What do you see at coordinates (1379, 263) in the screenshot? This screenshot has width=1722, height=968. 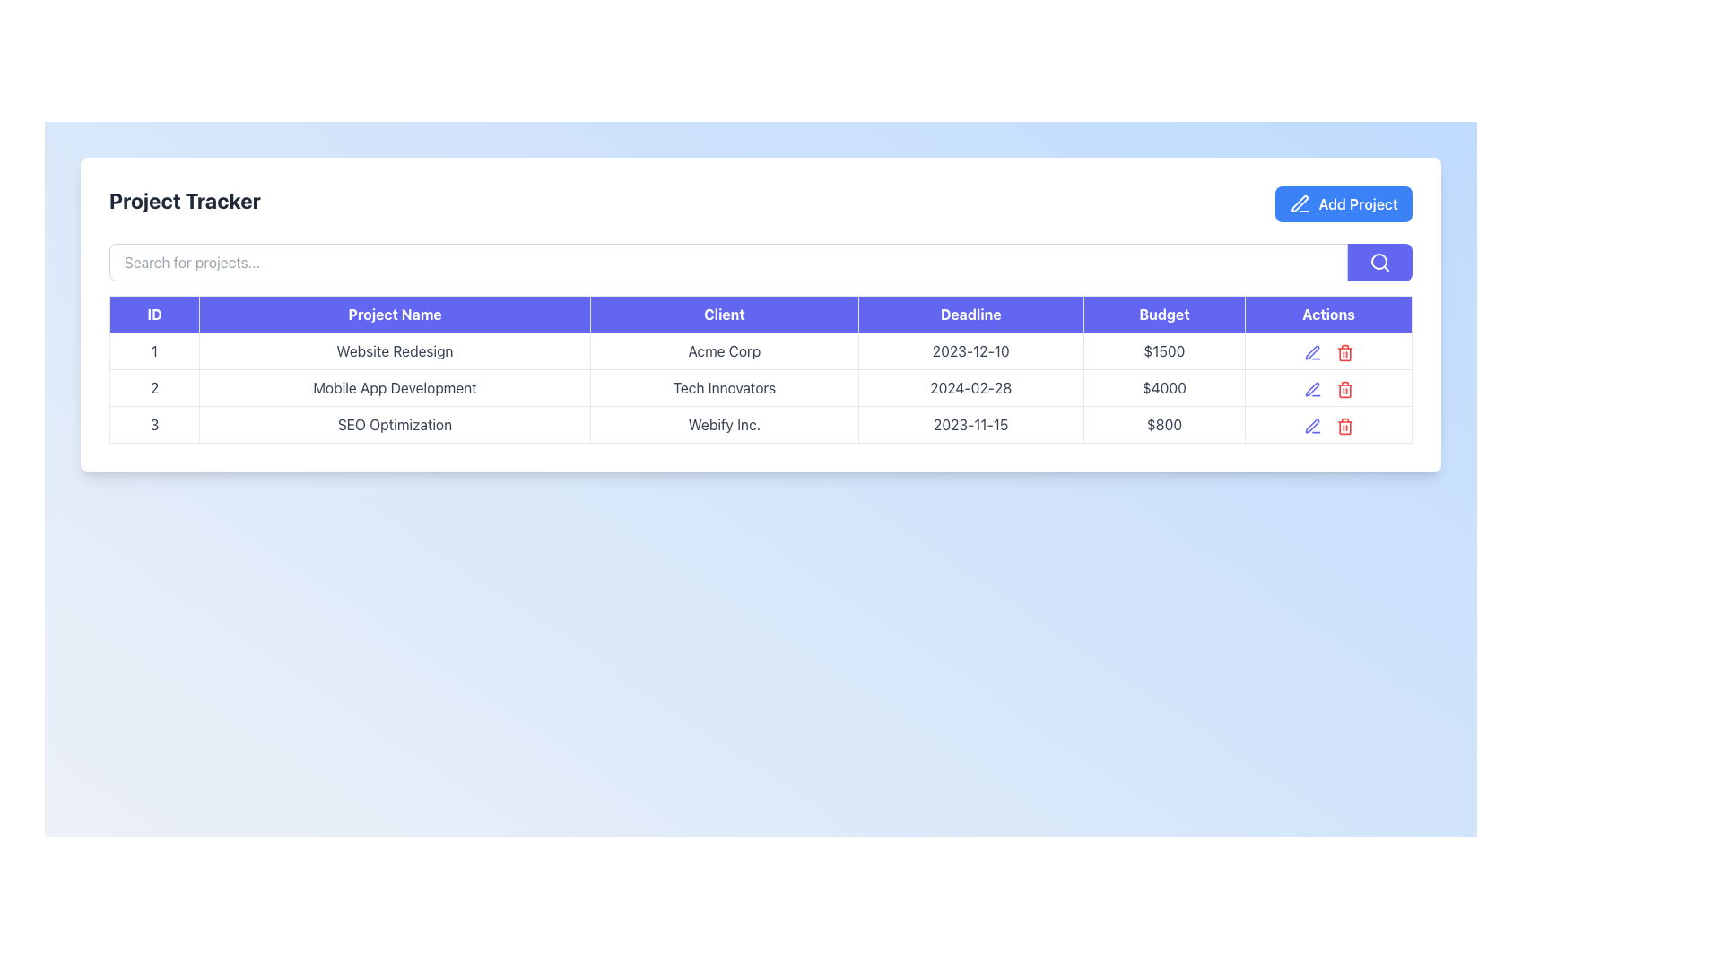 I see `the search activation icon located within the blue button at the top-right corner of the horizontal search bar` at bounding box center [1379, 263].